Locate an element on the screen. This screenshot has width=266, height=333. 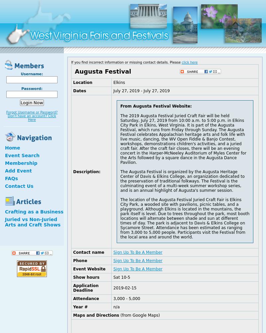
'Elkins' is located at coordinates (119, 82).